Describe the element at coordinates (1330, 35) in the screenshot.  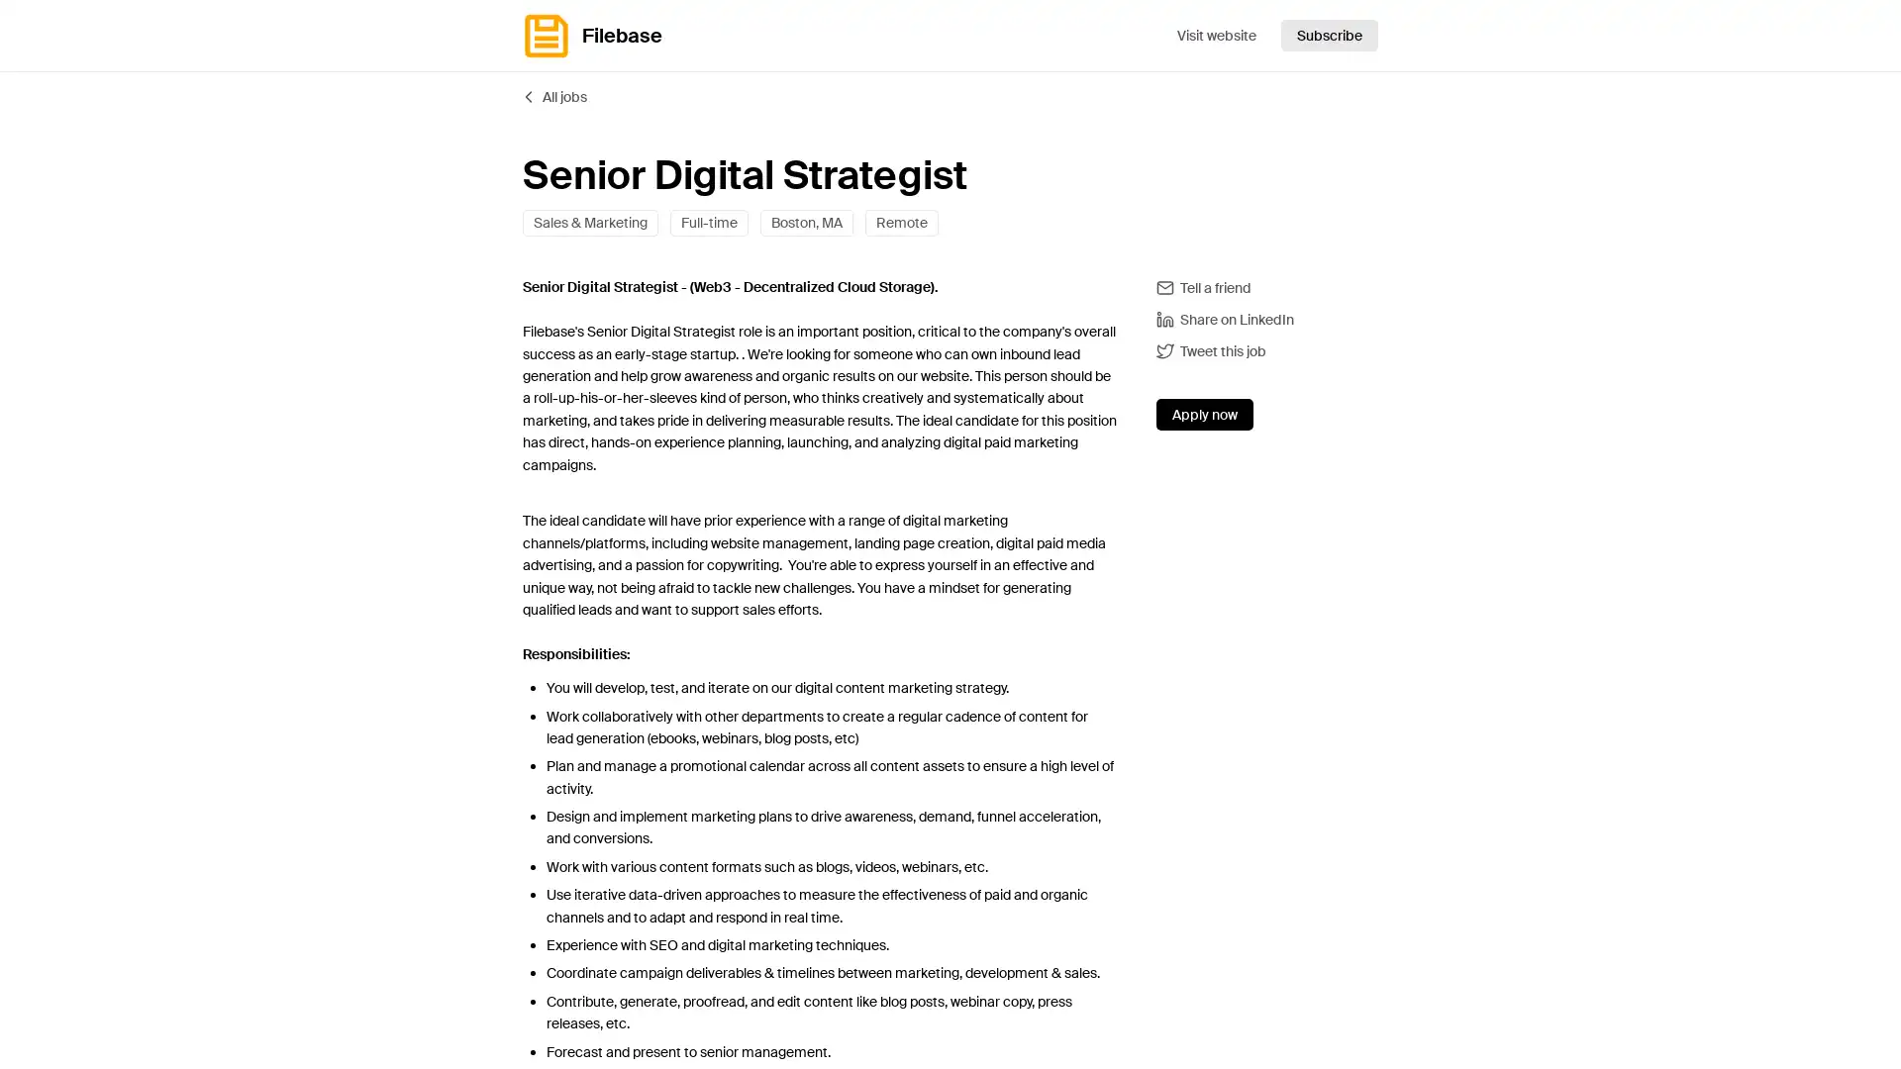
I see `Subscribe` at that location.